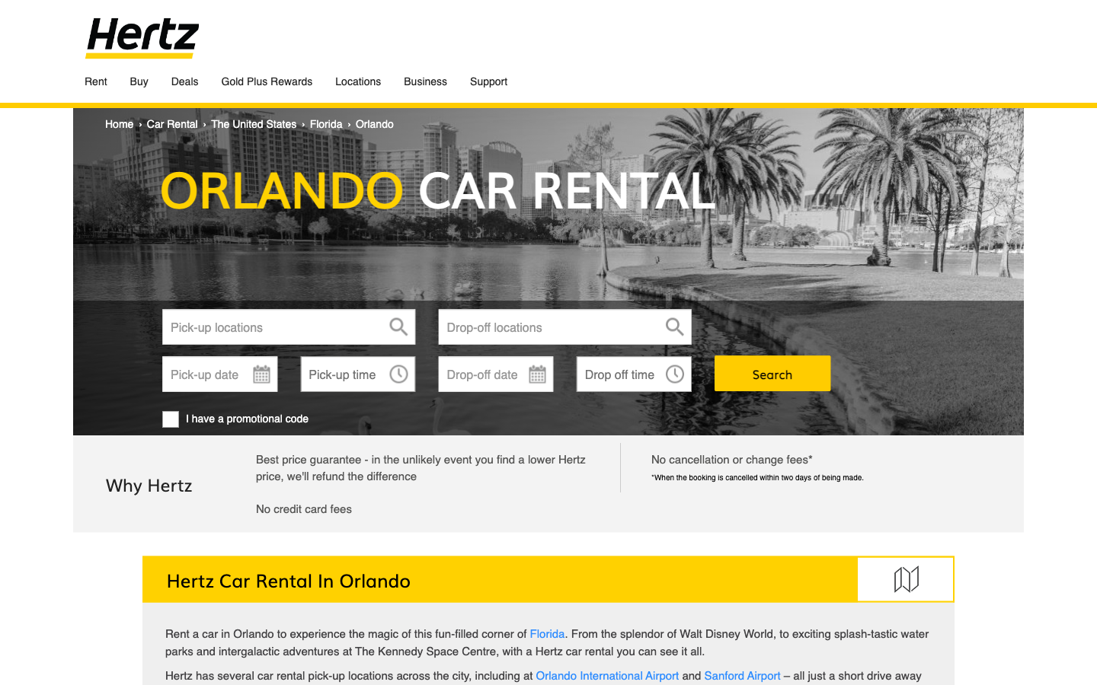 This screenshot has width=1097, height=685. I want to click on Enter the pick-up and drop-off date, so click(219, 373).